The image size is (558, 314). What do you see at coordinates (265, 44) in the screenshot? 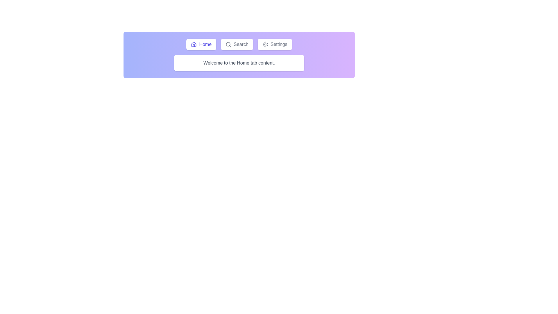
I see `the settings menu icon, which is the third button from the left in the horizontal navigation options at the top of the interface, for navigation` at bounding box center [265, 44].